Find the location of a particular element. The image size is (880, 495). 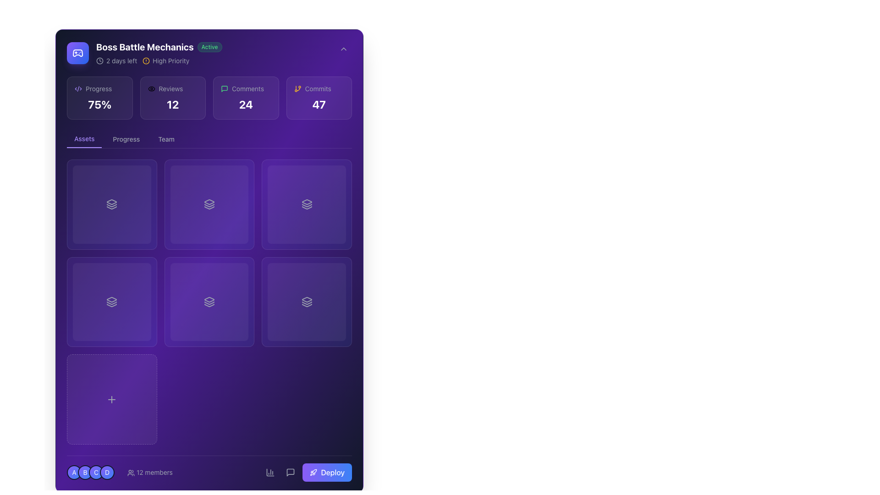

the second square in the first row of the grid layout is located at coordinates (209, 204).